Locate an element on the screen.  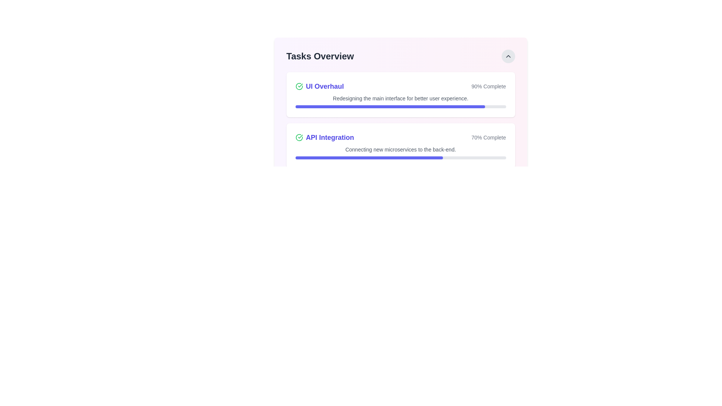
the horizontal progress bar styled with a rounded rectangular shape, located within the 'UI Overhaul' section is located at coordinates (400, 107).